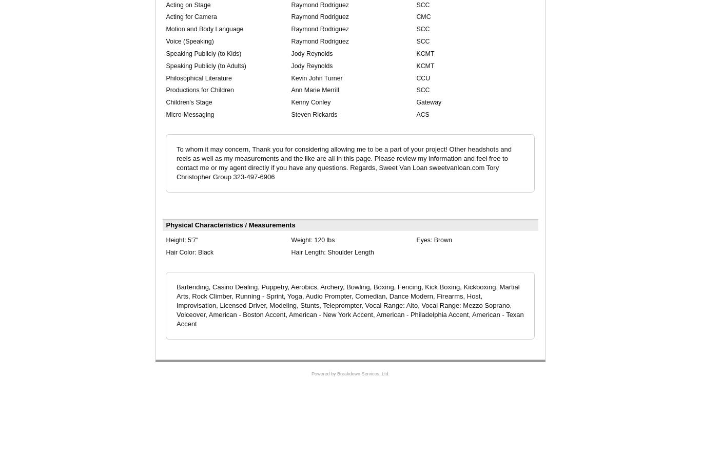 The image size is (701, 465). I want to click on 'To whom it may concern,

Thank you for considering allowing me to be a part of your project! Other headshots and reels as well as my measurements and the like are all in this page. Please review my information and feel free to contact me or my agent directly if you have any questions. 

Regards,
Sweet Van Loan
sweetvanloan.com

Tory Christopher Group
323-497-6906', so click(343, 162).